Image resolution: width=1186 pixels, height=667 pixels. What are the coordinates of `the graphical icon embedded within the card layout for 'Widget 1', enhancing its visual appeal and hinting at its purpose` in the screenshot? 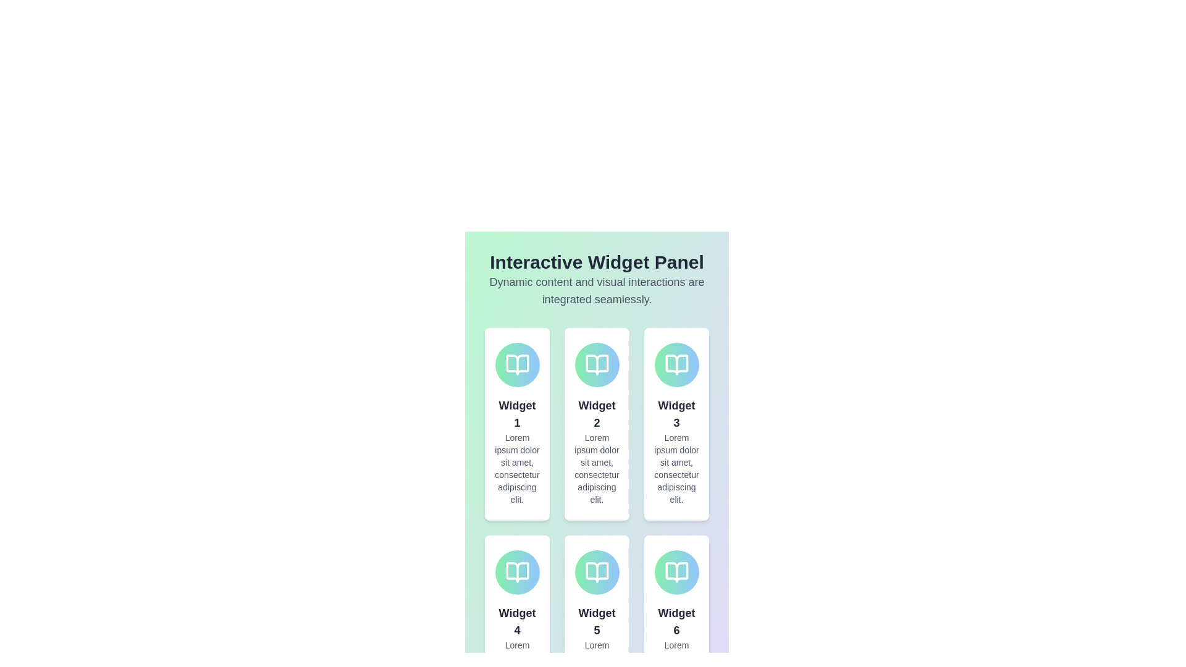 It's located at (517, 364).